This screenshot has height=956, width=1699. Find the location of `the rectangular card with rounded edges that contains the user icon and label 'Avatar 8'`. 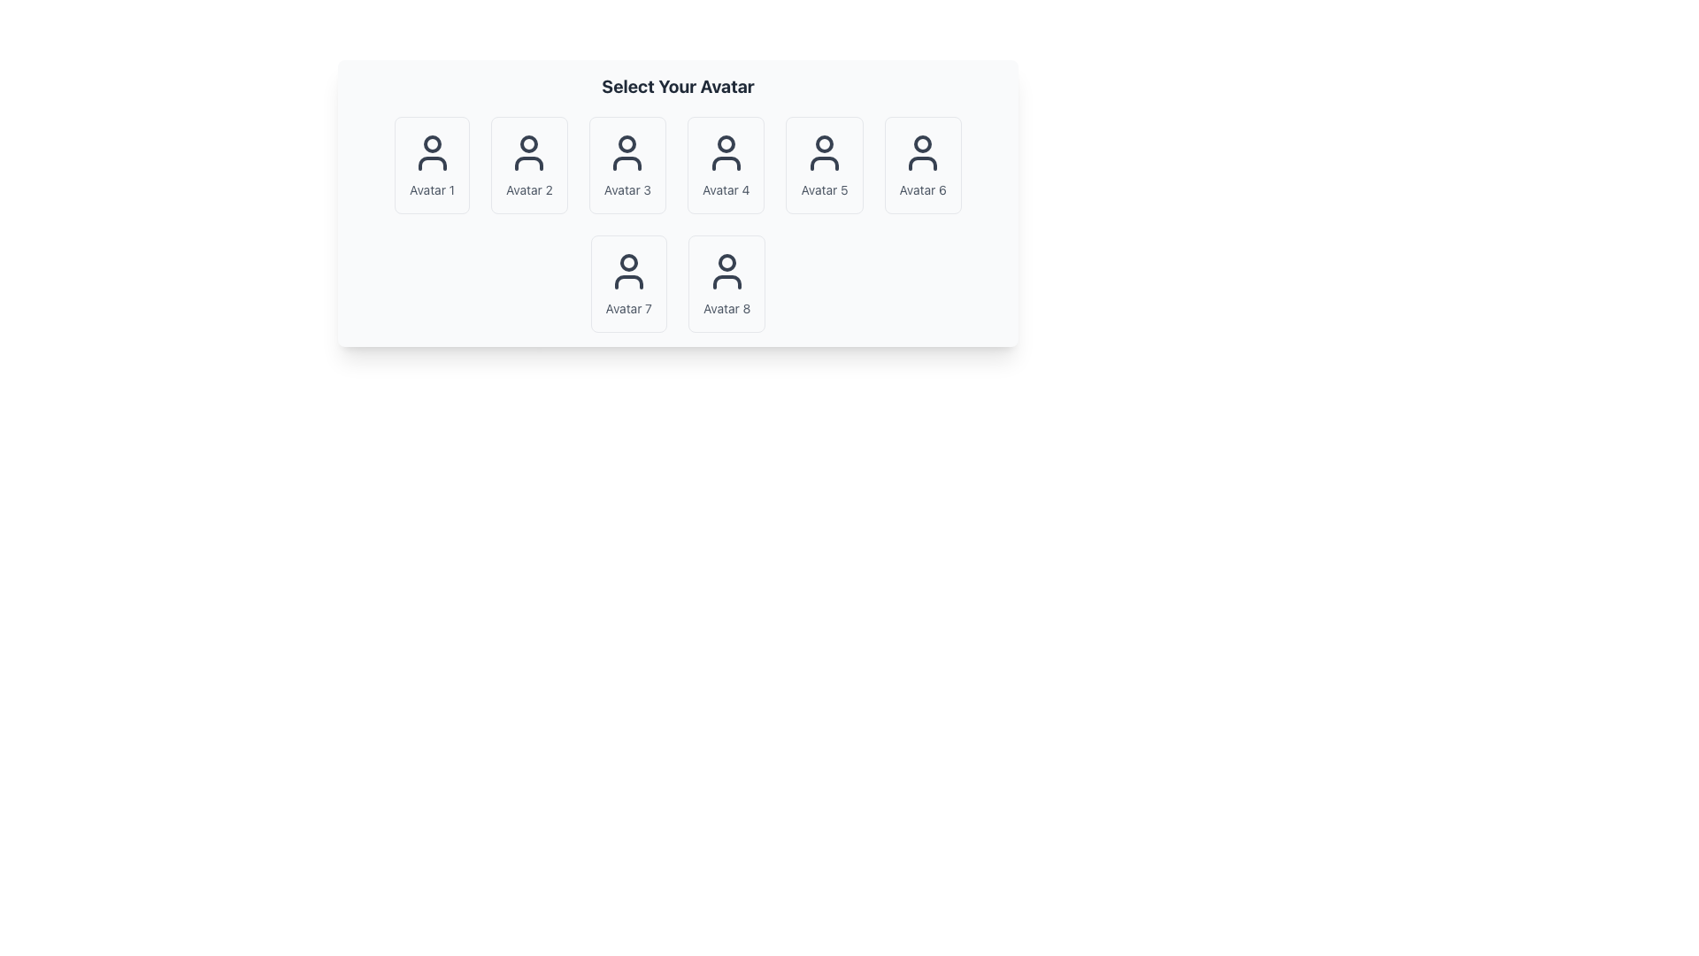

the rectangular card with rounded edges that contains the user icon and label 'Avatar 8' is located at coordinates (726, 282).